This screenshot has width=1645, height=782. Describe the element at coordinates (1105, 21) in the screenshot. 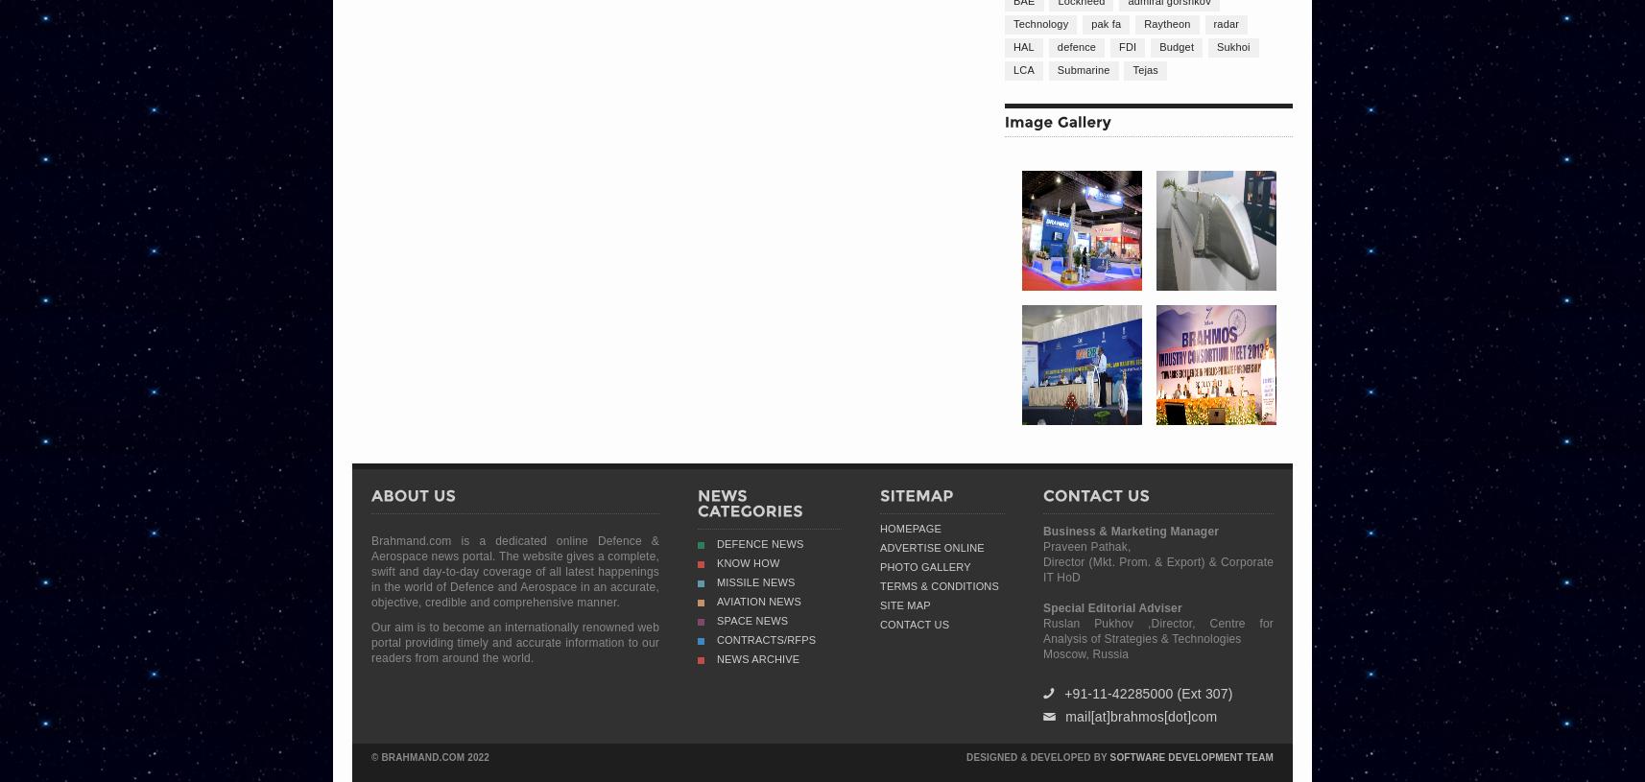

I see `'pak fa'` at that location.